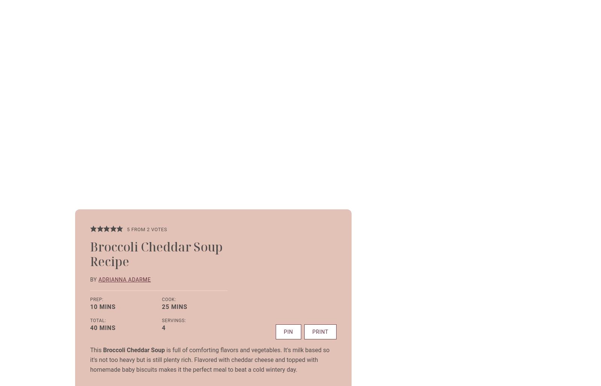  What do you see at coordinates (124, 279) in the screenshot?
I see `'Adrianna Adarme'` at bounding box center [124, 279].